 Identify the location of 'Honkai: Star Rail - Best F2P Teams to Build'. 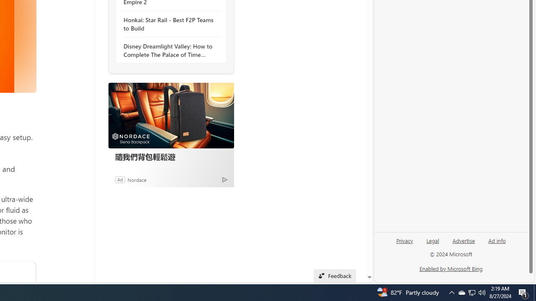
(168, 23).